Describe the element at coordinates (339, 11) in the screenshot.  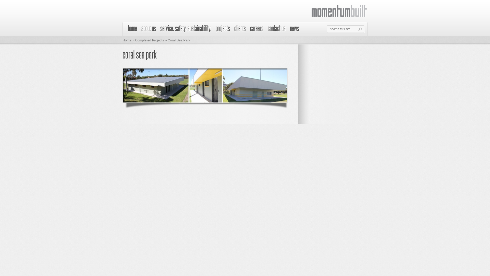
I see `'Momentum Built'` at that location.